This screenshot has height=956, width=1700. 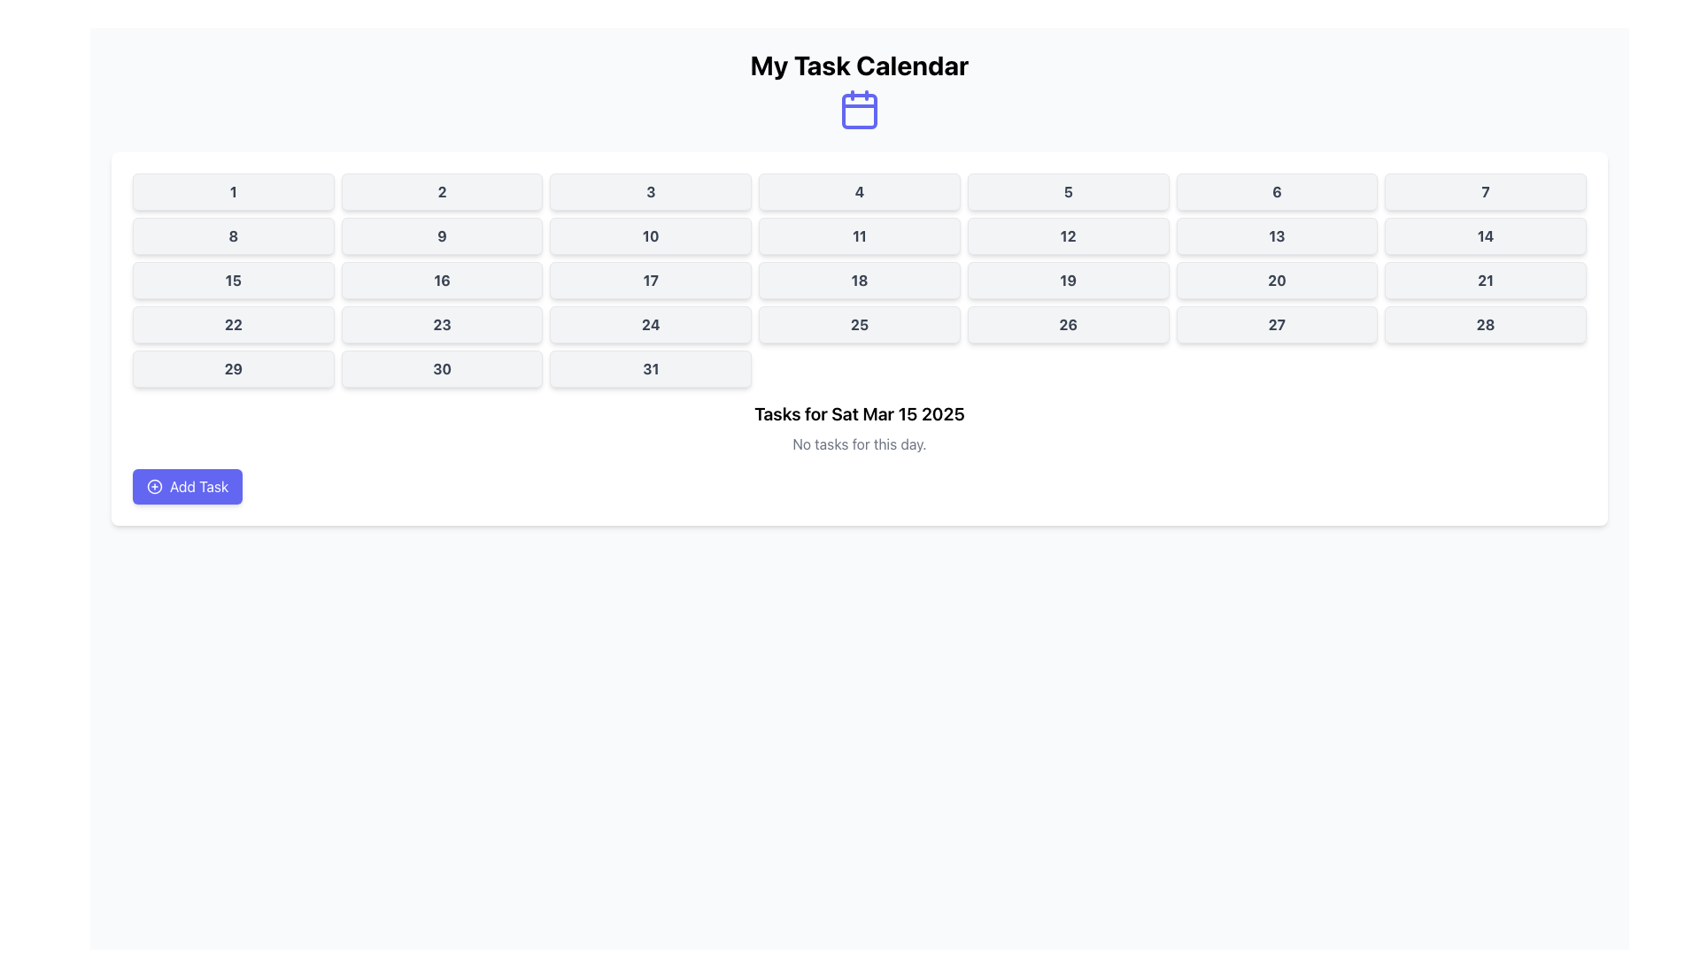 What do you see at coordinates (650, 324) in the screenshot?
I see `the selectable day button located in the fourth row and fourth column of the calendar grid` at bounding box center [650, 324].